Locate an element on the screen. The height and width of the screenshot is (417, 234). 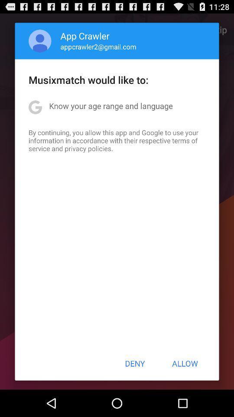
the app crawler is located at coordinates (85, 36).